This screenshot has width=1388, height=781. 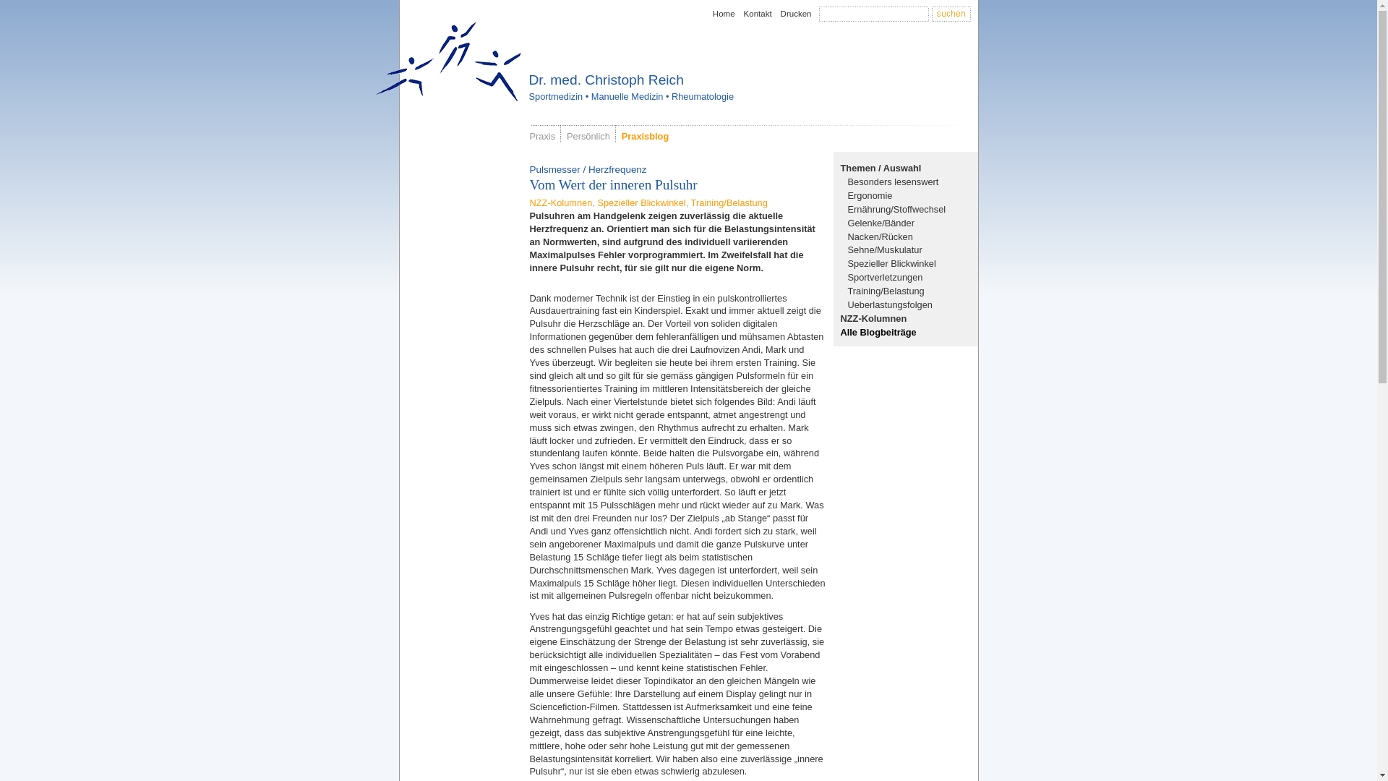 What do you see at coordinates (541, 136) in the screenshot?
I see `'Praxis'` at bounding box center [541, 136].